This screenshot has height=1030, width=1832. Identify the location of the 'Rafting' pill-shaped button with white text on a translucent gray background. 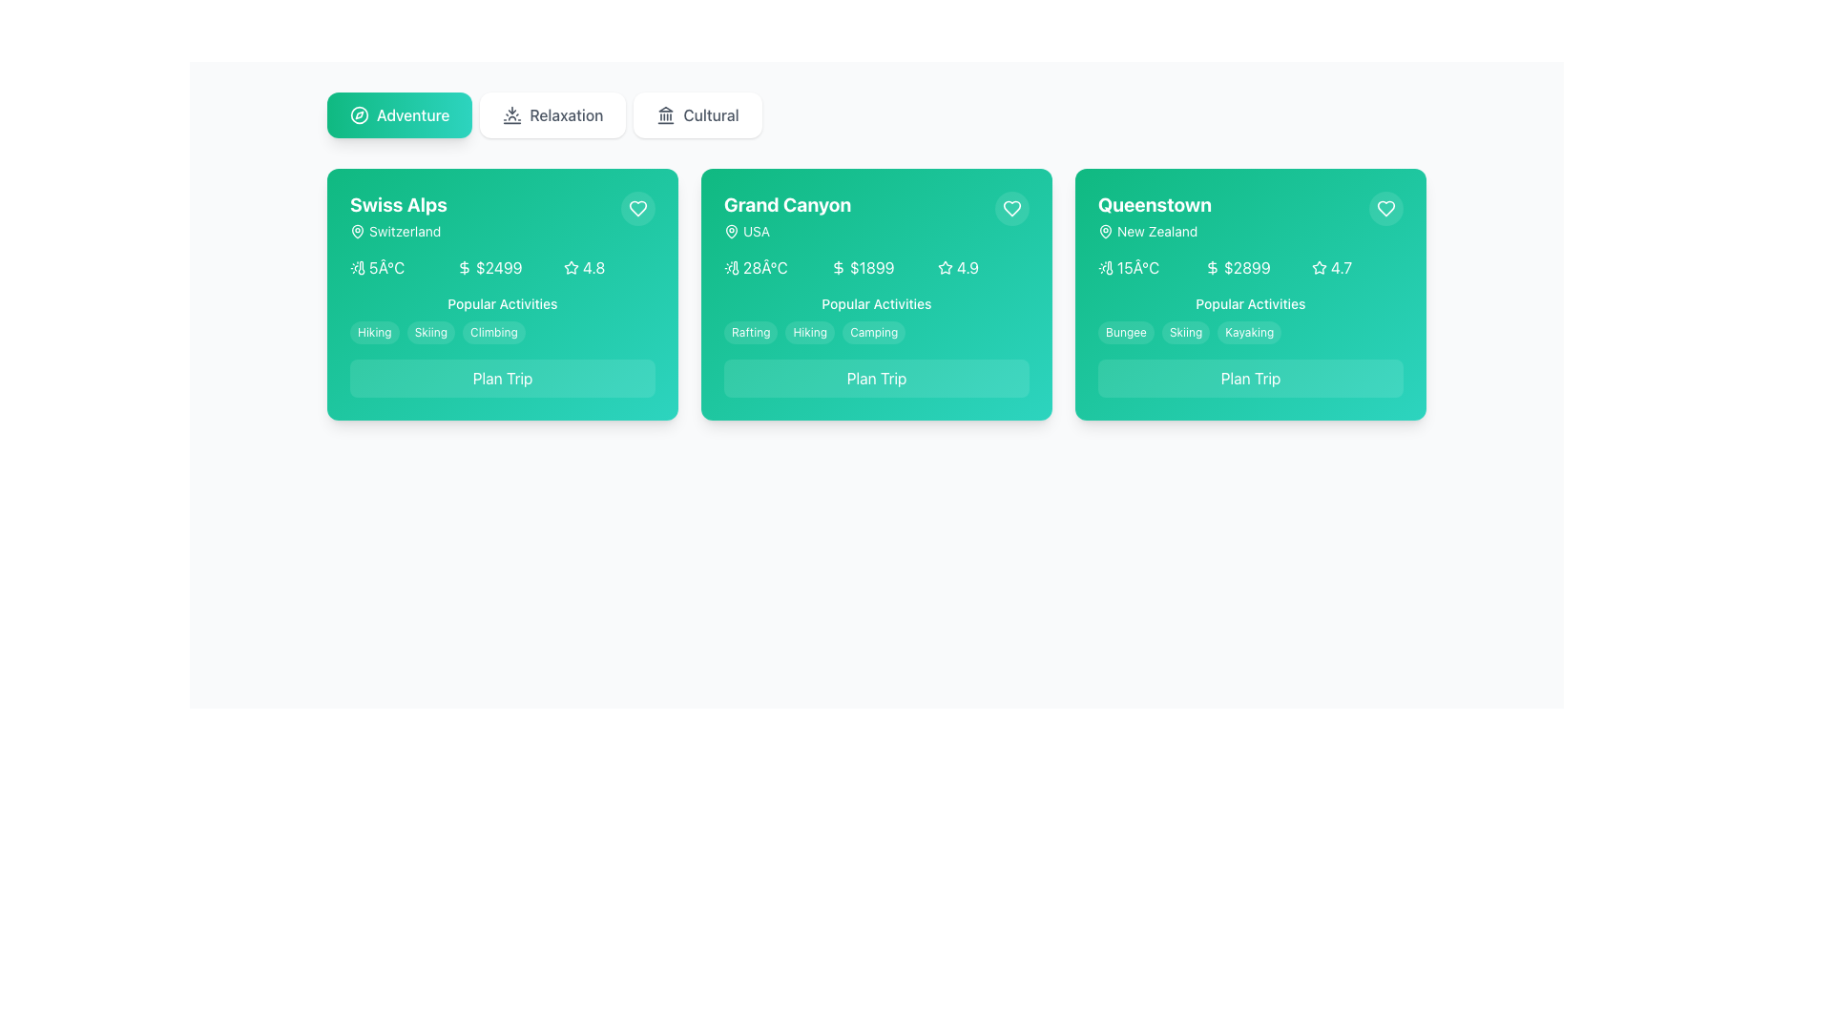
(750, 331).